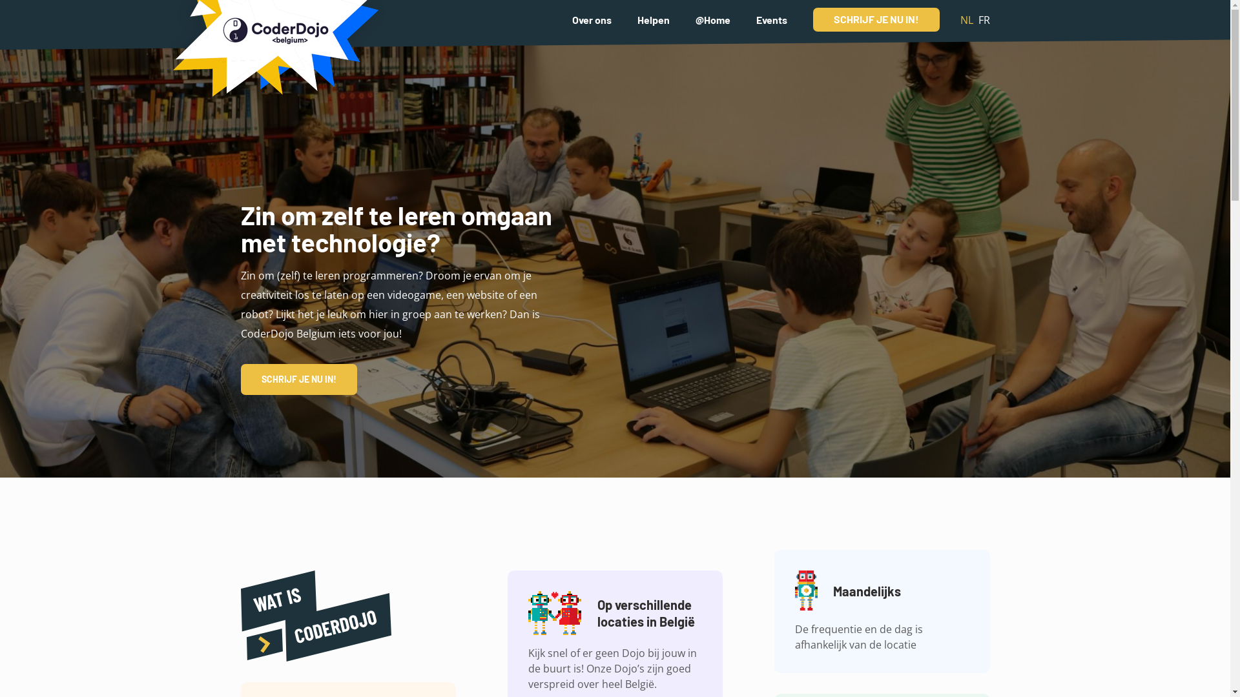  Describe the element at coordinates (272, 59) in the screenshot. I see `'Coderdojo'` at that location.